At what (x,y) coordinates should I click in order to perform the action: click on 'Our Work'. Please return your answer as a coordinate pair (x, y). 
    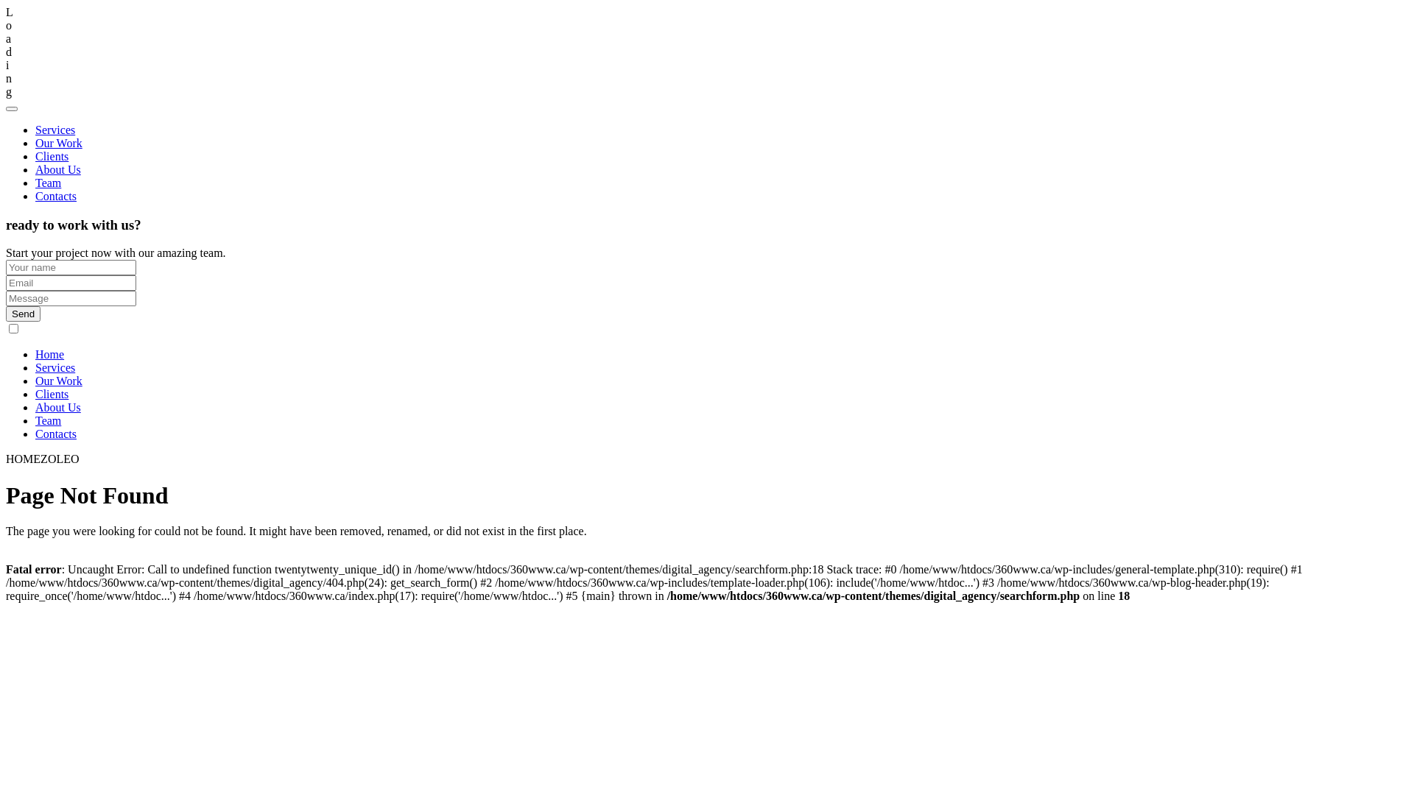
    Looking at the image, I should click on (59, 380).